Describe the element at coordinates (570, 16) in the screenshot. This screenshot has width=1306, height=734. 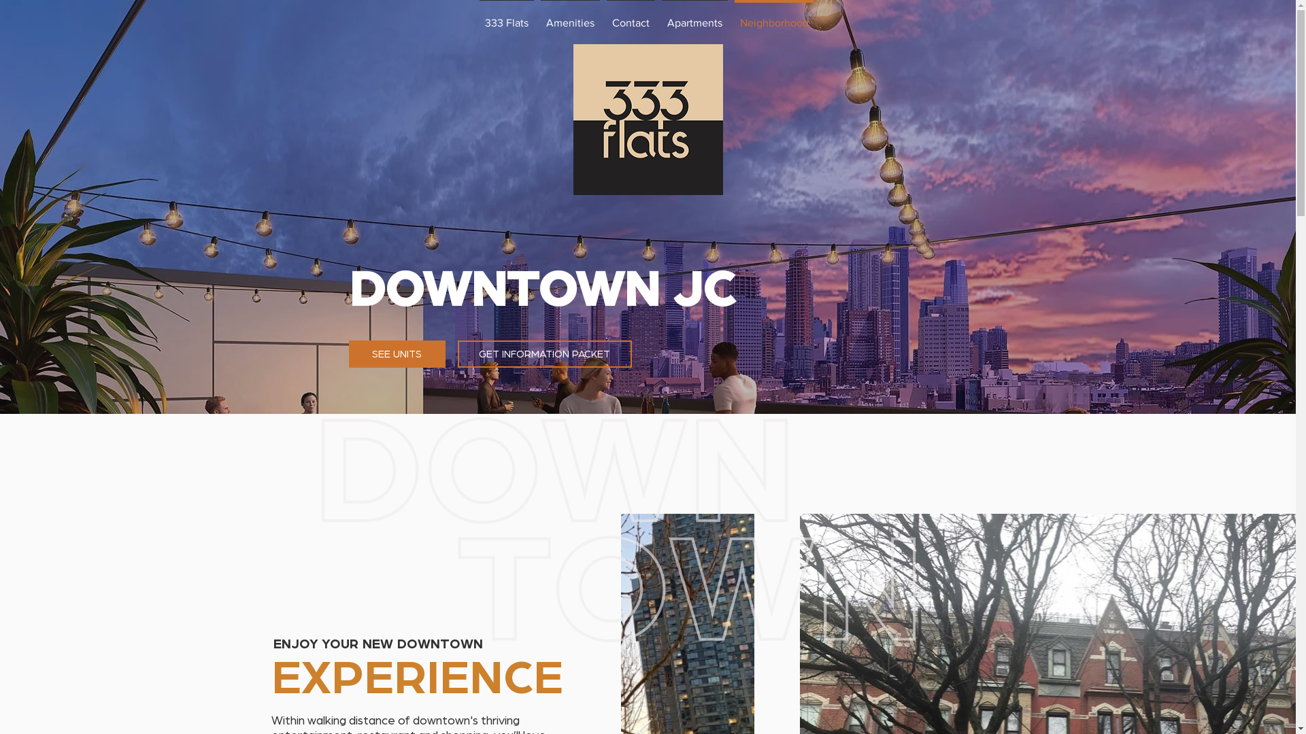
I see `'Amenities'` at that location.